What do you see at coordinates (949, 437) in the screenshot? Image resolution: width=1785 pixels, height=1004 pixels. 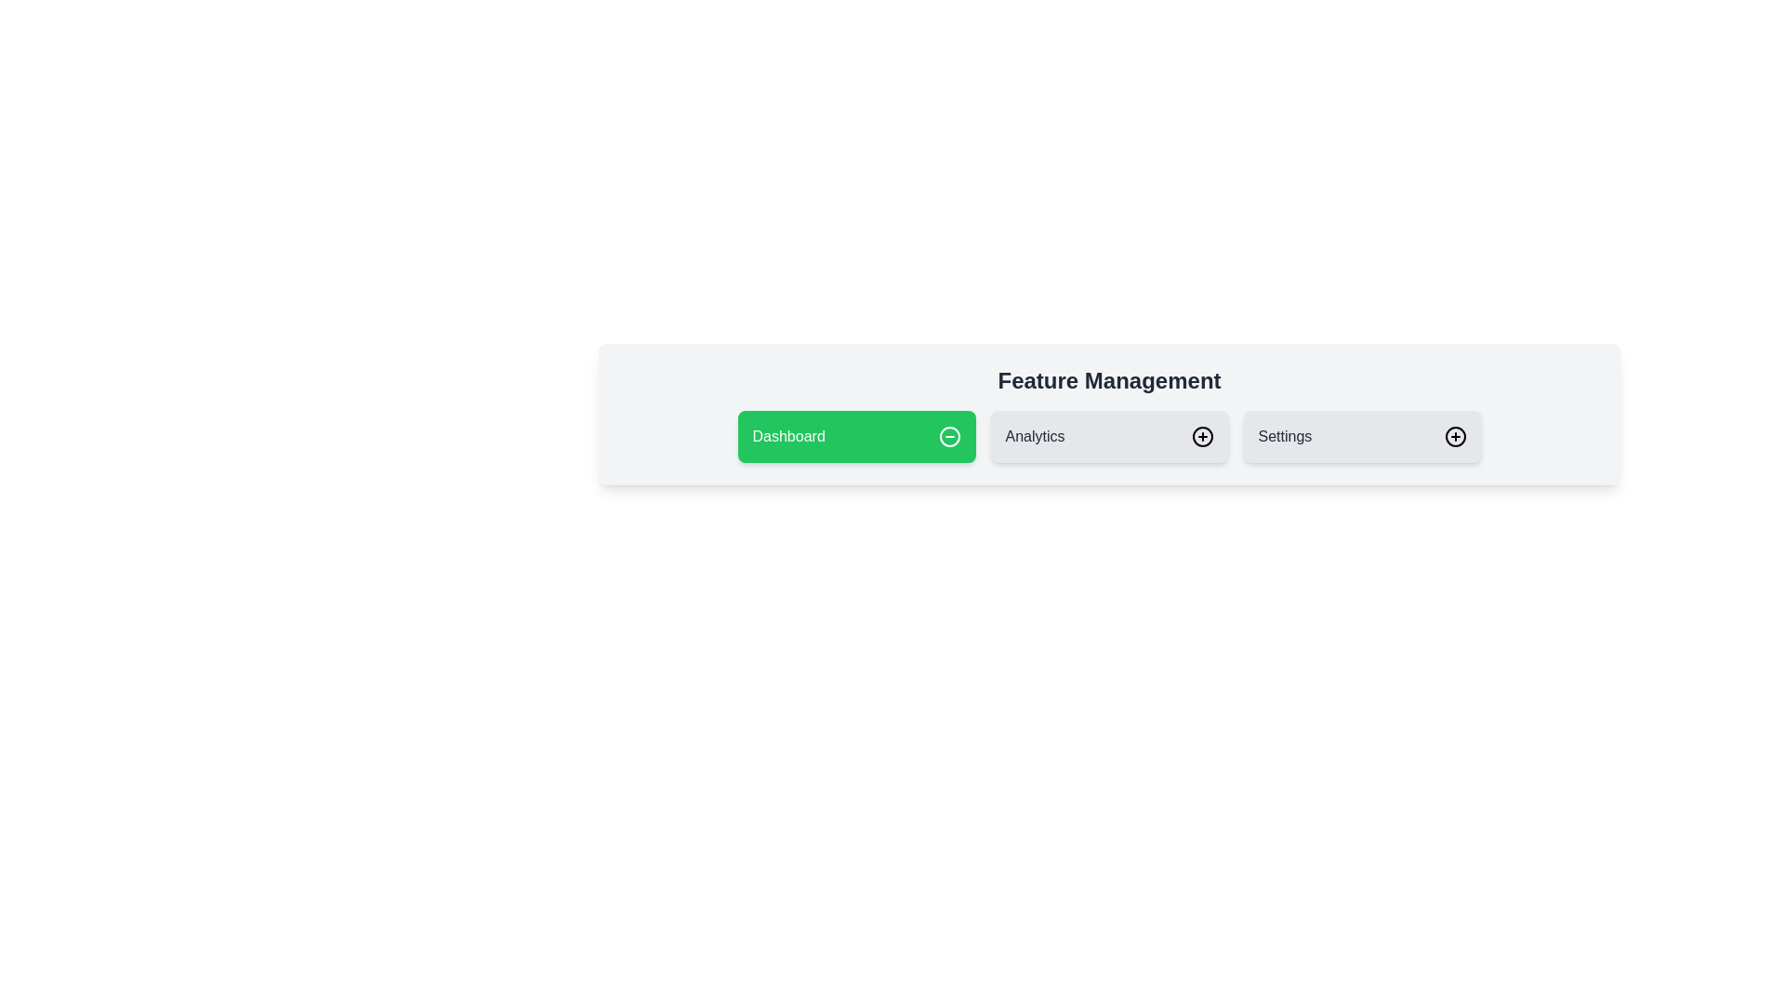 I see `the icon within the green rectangular button labeled 'Dashboard'` at bounding box center [949, 437].